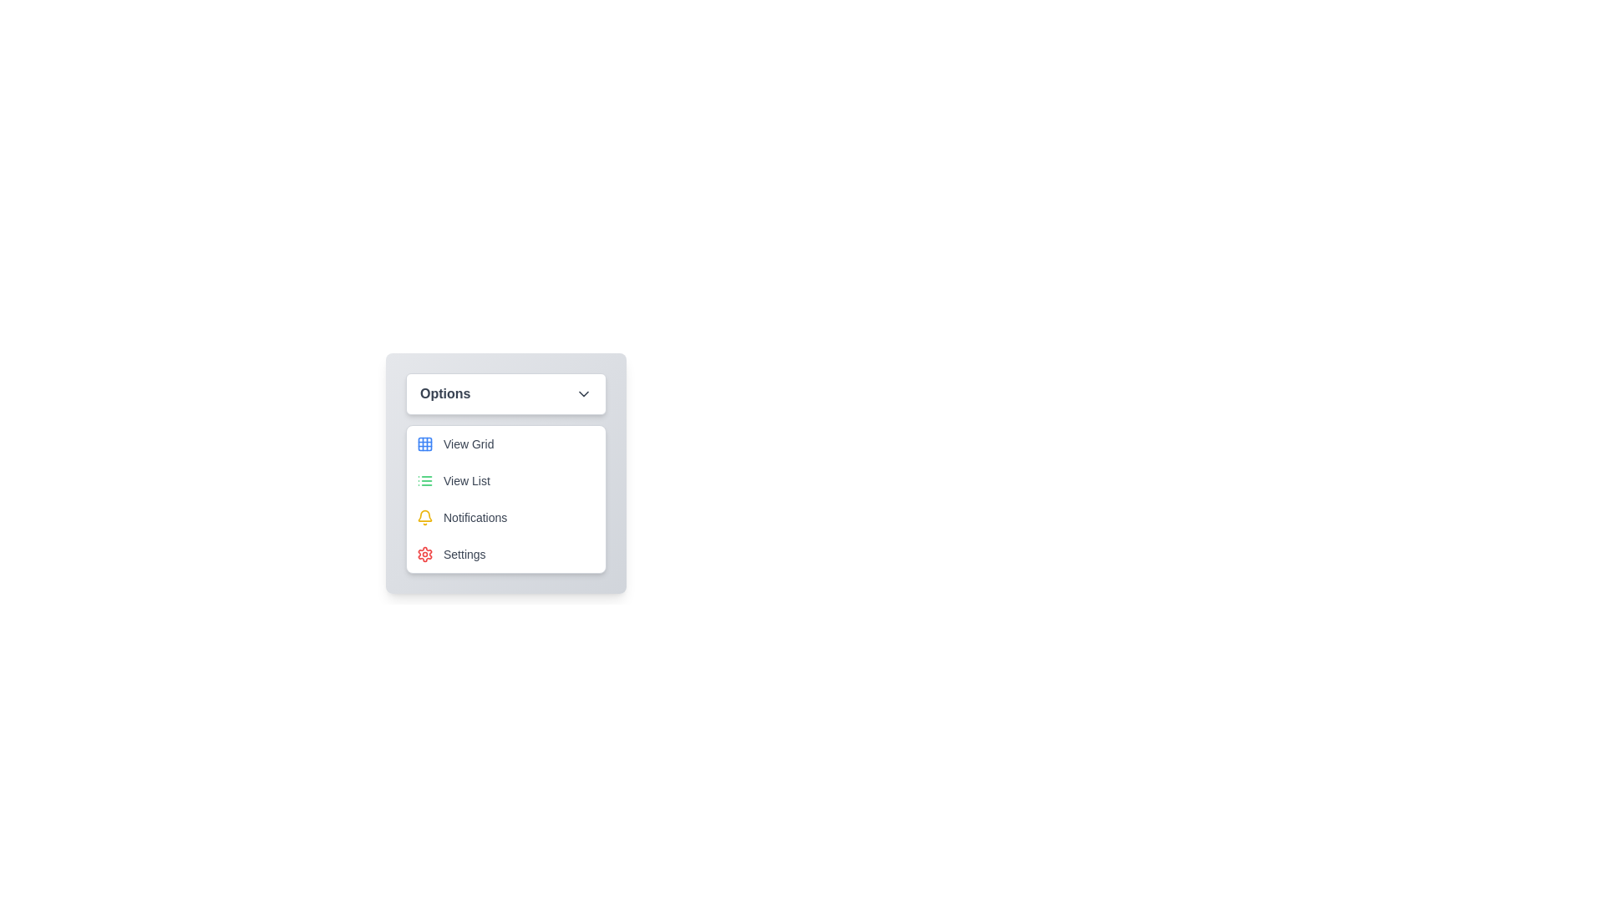  What do you see at coordinates (424, 554) in the screenshot?
I see `the gear-shaped icon at the bottom right of the dropdown menu labeled 'Settings' to interact with settings` at bounding box center [424, 554].